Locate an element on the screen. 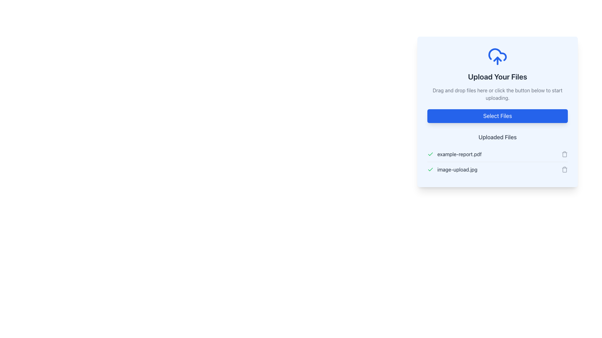 This screenshot has width=602, height=338. the trash icon located to the far right of the row labeled 'example-report.pdf' in the 'Uploaded Files' list is located at coordinates (564, 154).